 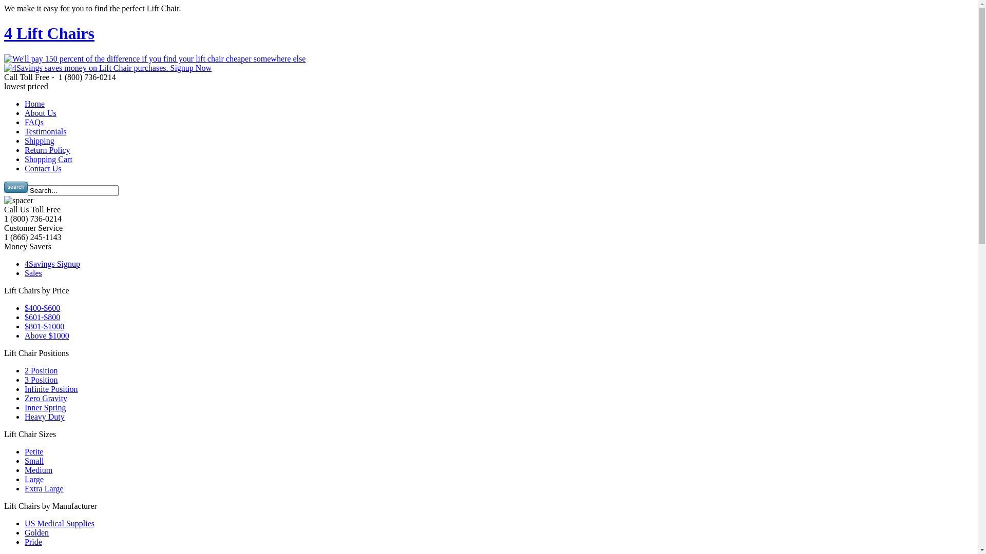 I want to click on '$601-$800', so click(x=42, y=316).